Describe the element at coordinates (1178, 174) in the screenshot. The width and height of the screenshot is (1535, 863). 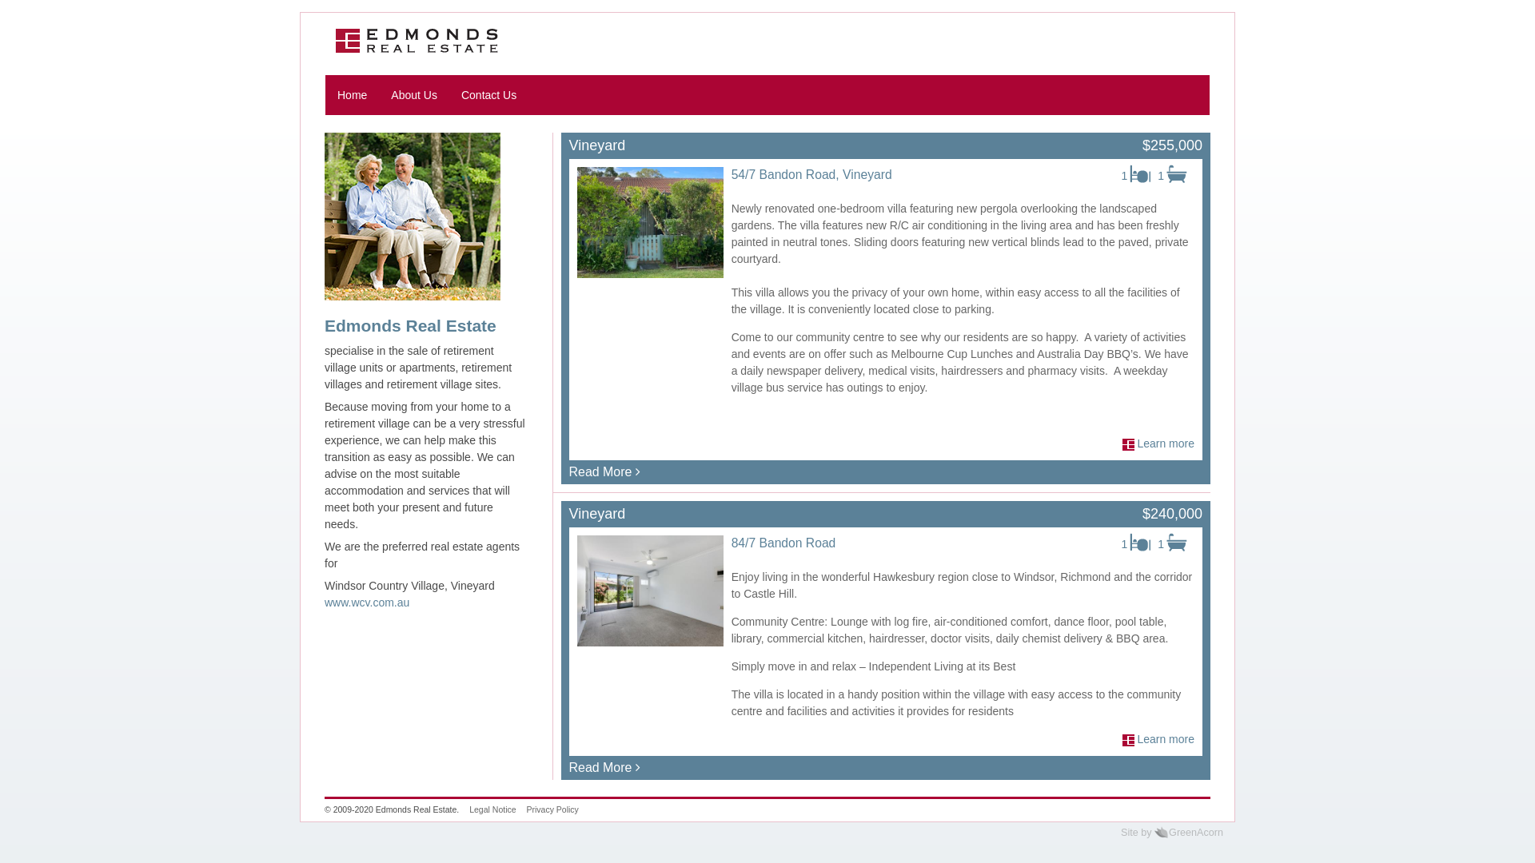
I see `'Bathrooms'` at that location.